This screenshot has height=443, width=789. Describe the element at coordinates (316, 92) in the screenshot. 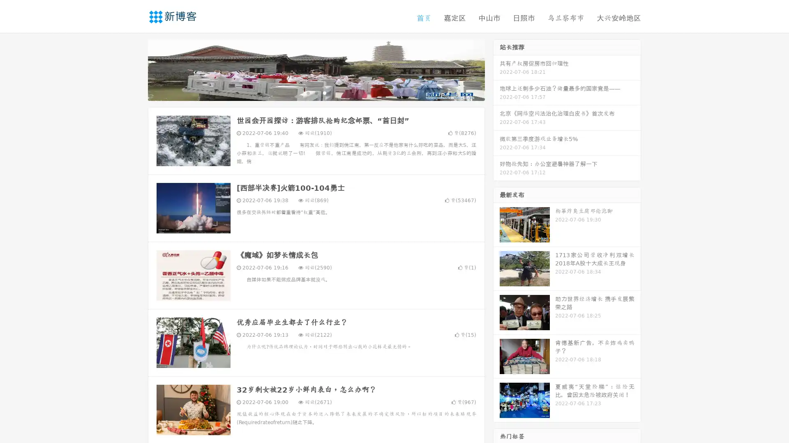

I see `Go to slide 2` at that location.